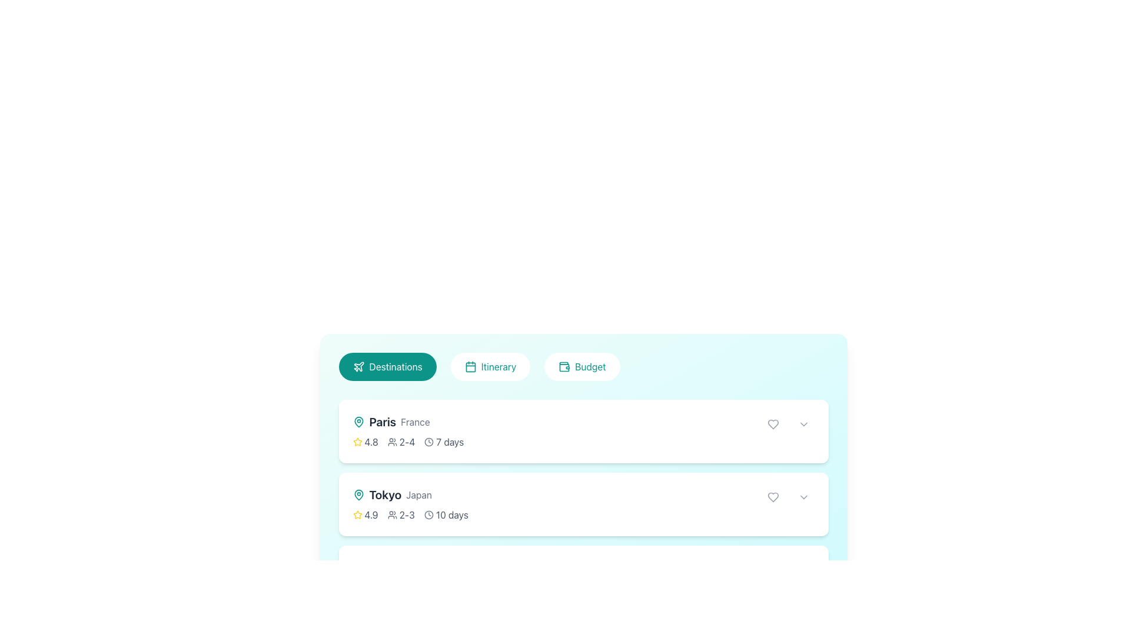 This screenshot has width=1130, height=635. I want to click on the Dropdown Toggle Icon located at the right edge of the second list entry, so click(803, 424).